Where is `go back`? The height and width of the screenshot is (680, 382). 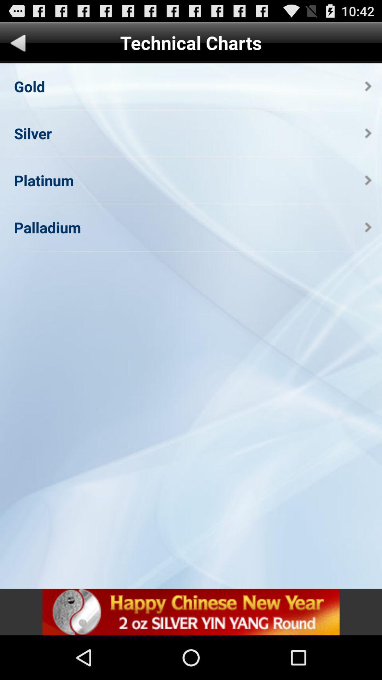 go back is located at coordinates (18, 44).